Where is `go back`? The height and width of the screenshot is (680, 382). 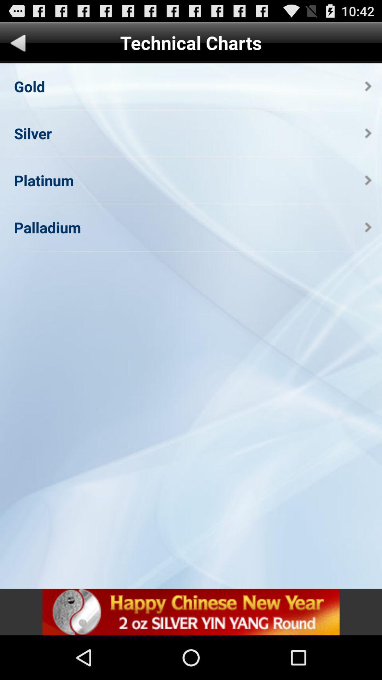 go back is located at coordinates (18, 44).